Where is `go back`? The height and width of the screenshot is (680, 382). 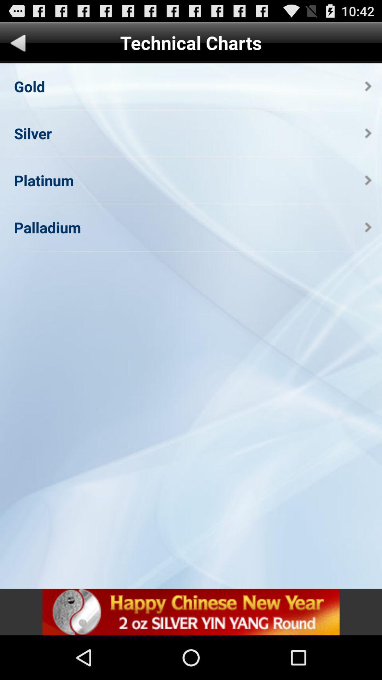 go back is located at coordinates (18, 44).